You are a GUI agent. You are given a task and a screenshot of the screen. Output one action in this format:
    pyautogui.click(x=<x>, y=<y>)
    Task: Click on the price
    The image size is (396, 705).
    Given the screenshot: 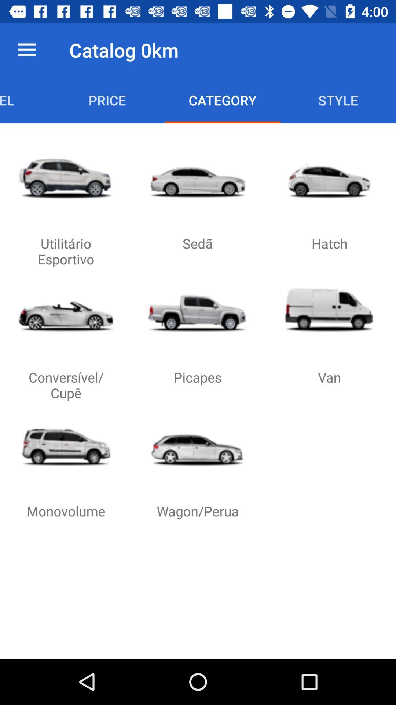 What is the action you would take?
    pyautogui.click(x=107, y=100)
    